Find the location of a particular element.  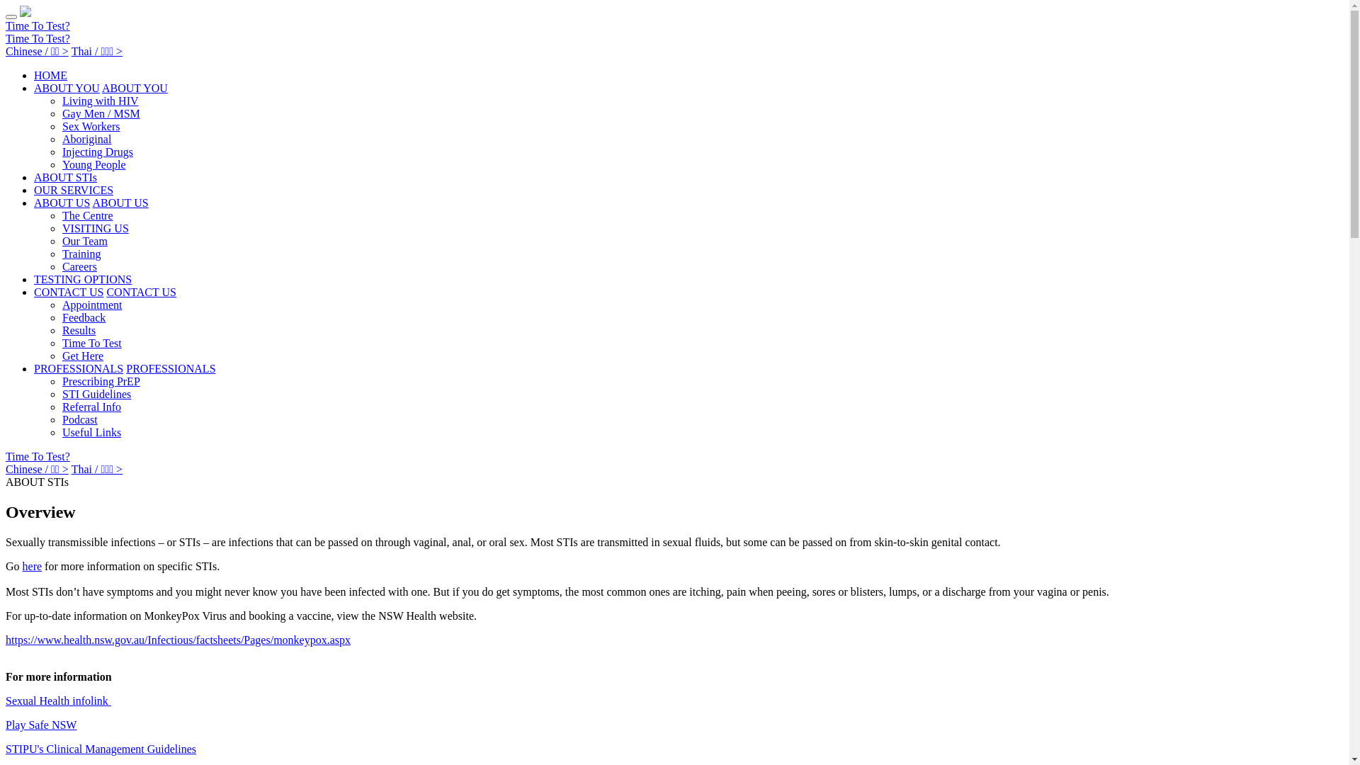

'PROFESSIONALS' is located at coordinates (170, 368).